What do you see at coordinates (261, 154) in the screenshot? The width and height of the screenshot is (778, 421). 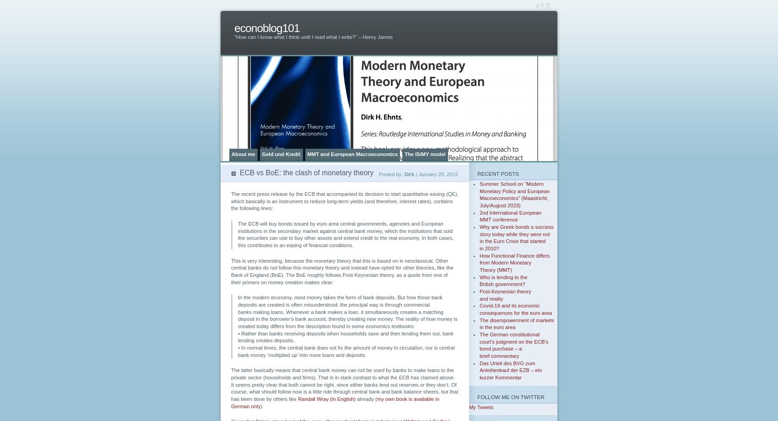 I see `'Geld und Kredit'` at bounding box center [261, 154].